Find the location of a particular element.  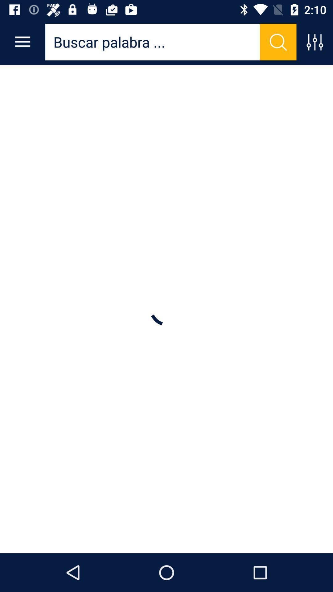

settings is located at coordinates (314, 42).